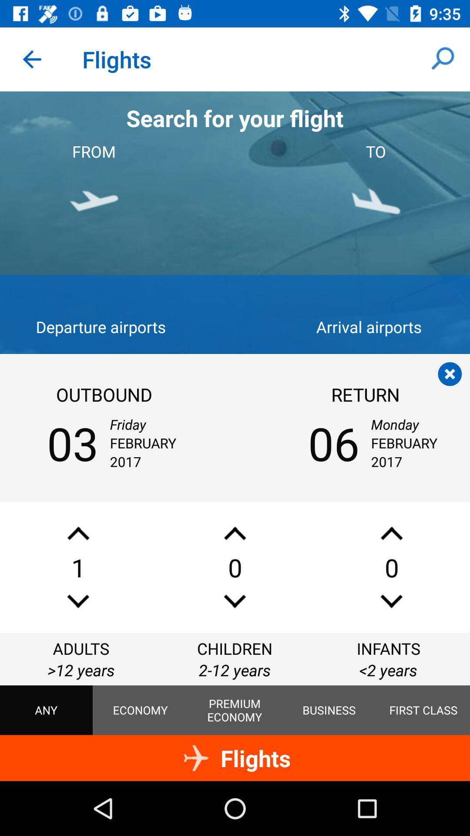  What do you see at coordinates (423, 710) in the screenshot?
I see `icon to the right of business item` at bounding box center [423, 710].